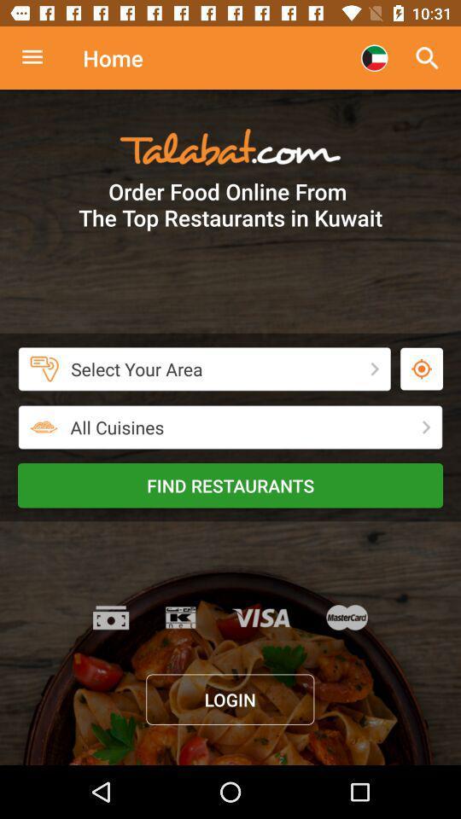 The image size is (461, 819). What do you see at coordinates (374, 58) in the screenshot?
I see `the icon just to the left of search icon` at bounding box center [374, 58].